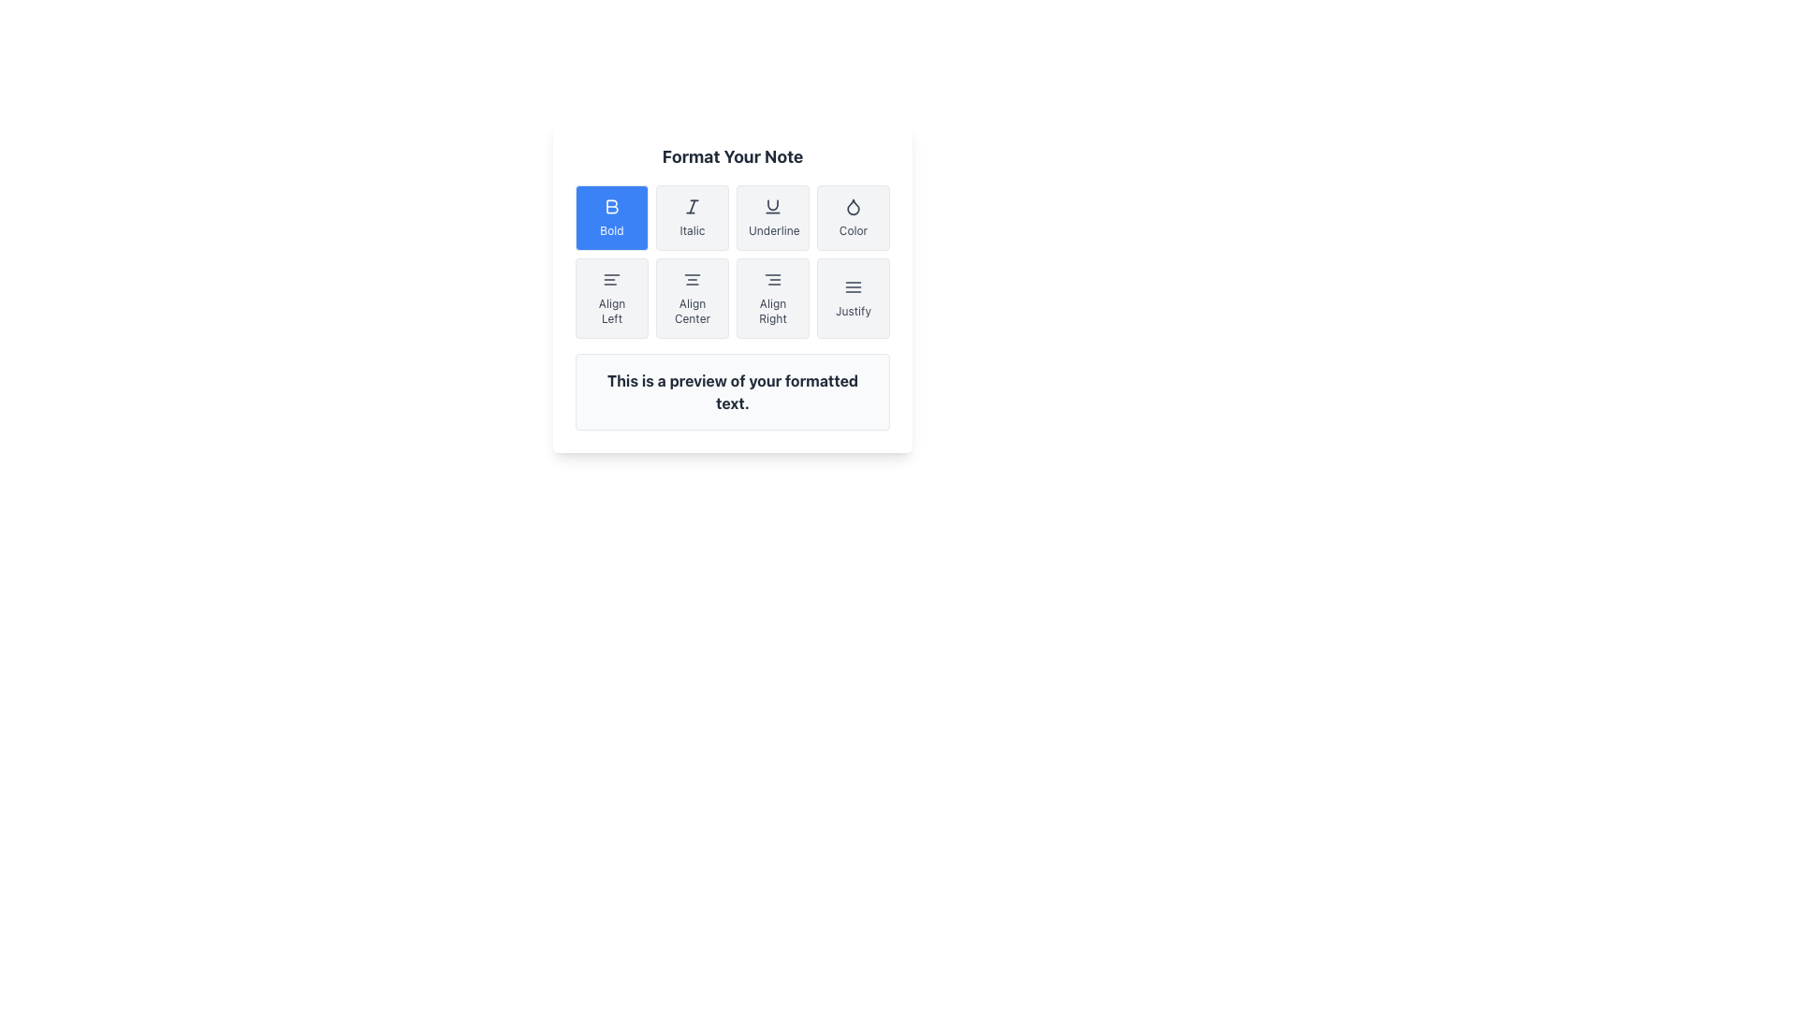 This screenshot has width=1797, height=1011. Describe the element at coordinates (691, 206) in the screenshot. I see `the italicized 'I' icon in the 'Italic' button of the text formatting toolbar` at that location.